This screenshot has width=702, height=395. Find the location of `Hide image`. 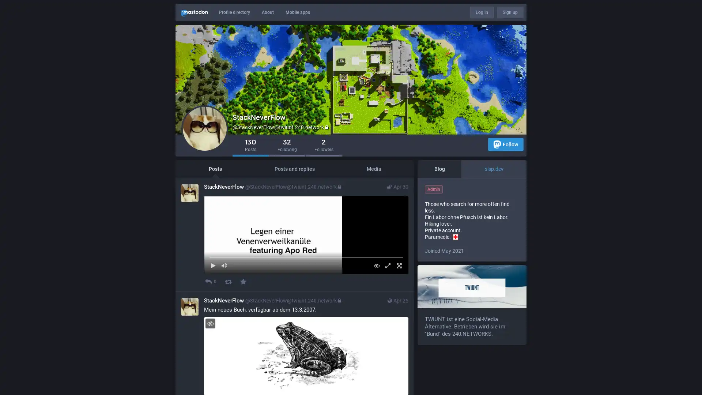

Hide image is located at coordinates (210, 360).